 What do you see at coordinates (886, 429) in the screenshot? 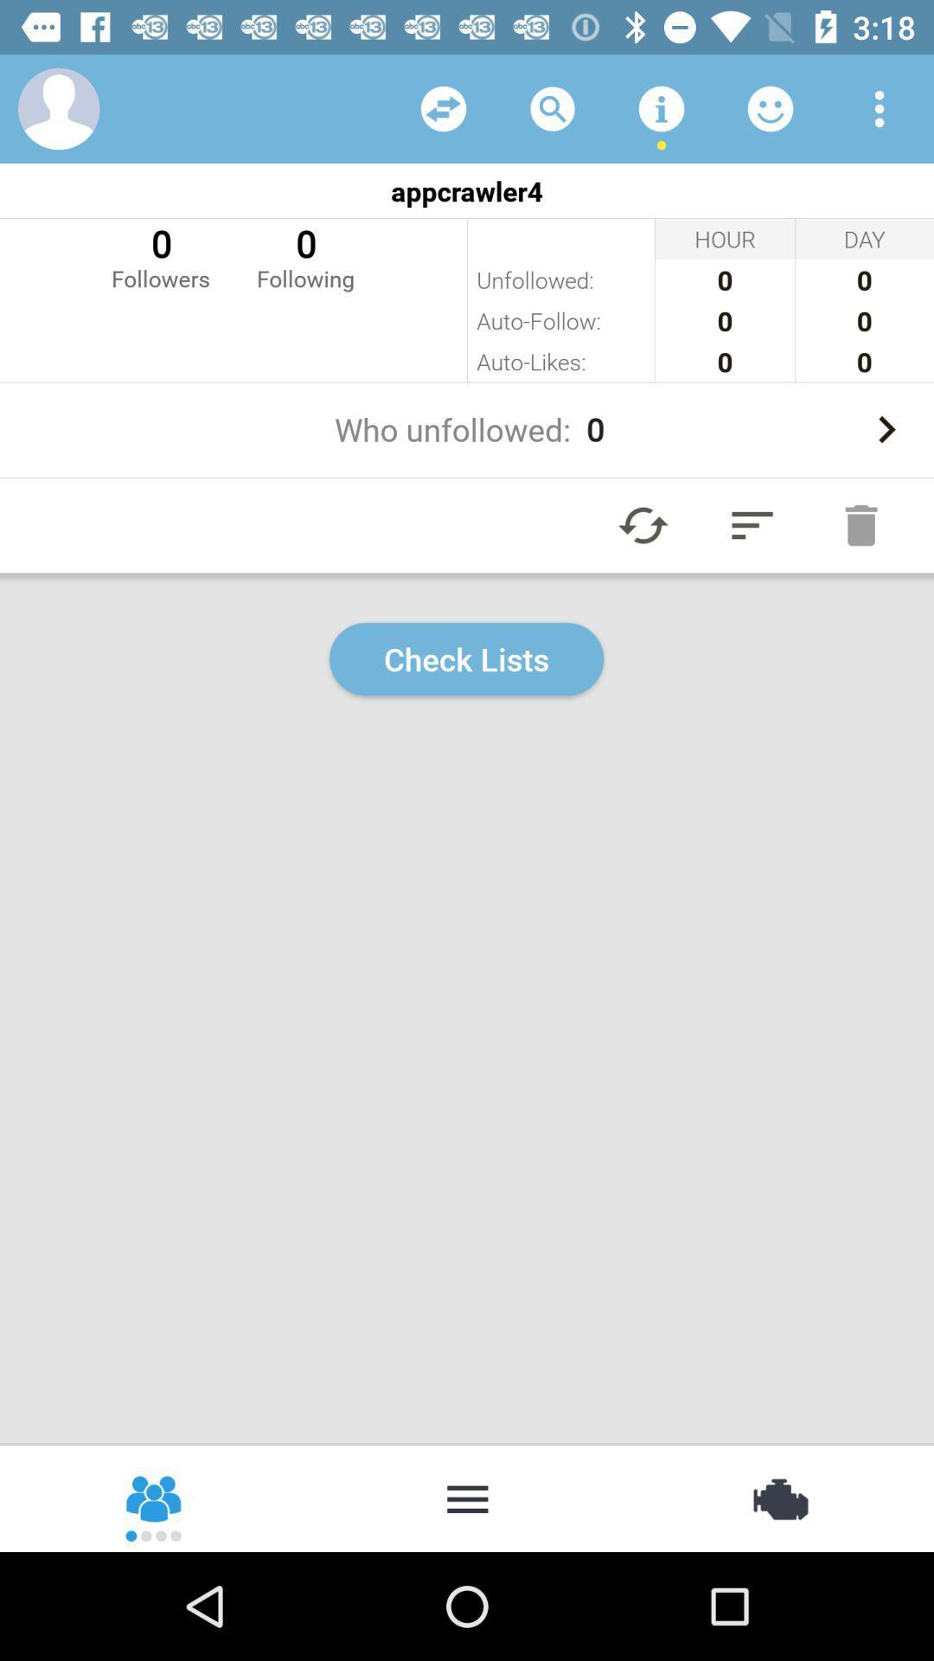
I see `the arrow_forward icon` at bounding box center [886, 429].